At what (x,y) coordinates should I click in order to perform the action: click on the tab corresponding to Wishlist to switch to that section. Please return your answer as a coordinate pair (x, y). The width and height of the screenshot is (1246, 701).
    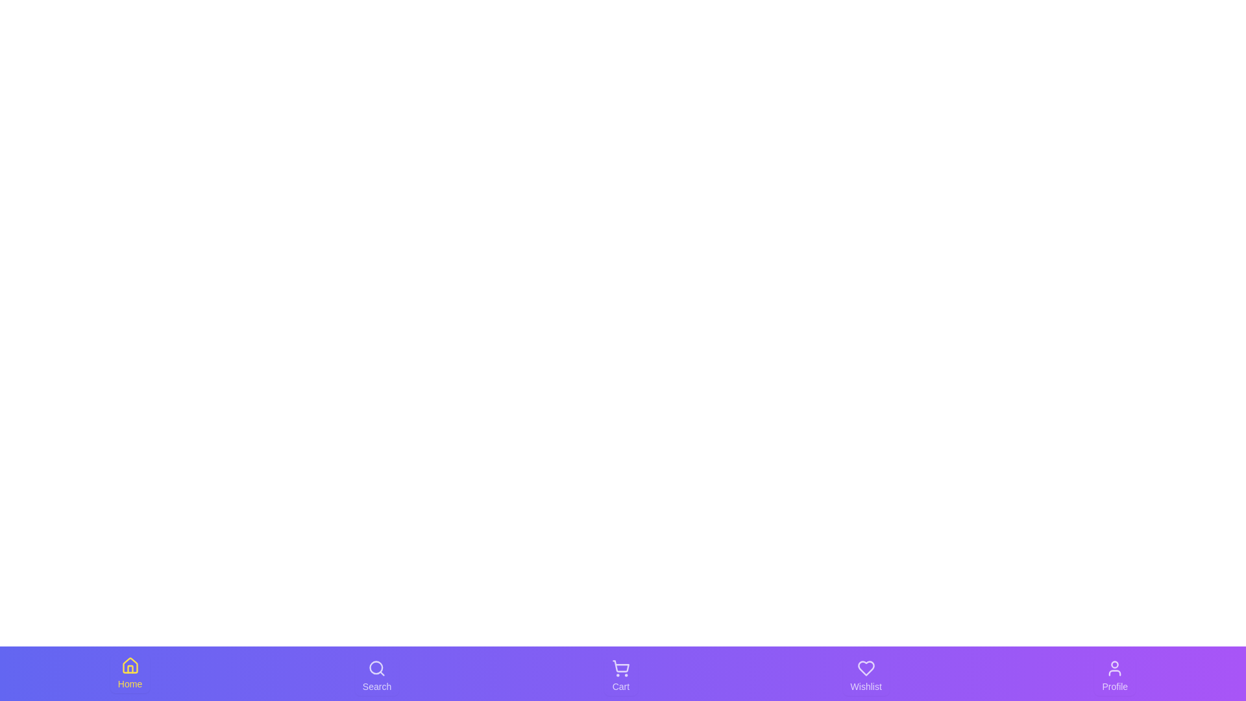
    Looking at the image, I should click on (866, 675).